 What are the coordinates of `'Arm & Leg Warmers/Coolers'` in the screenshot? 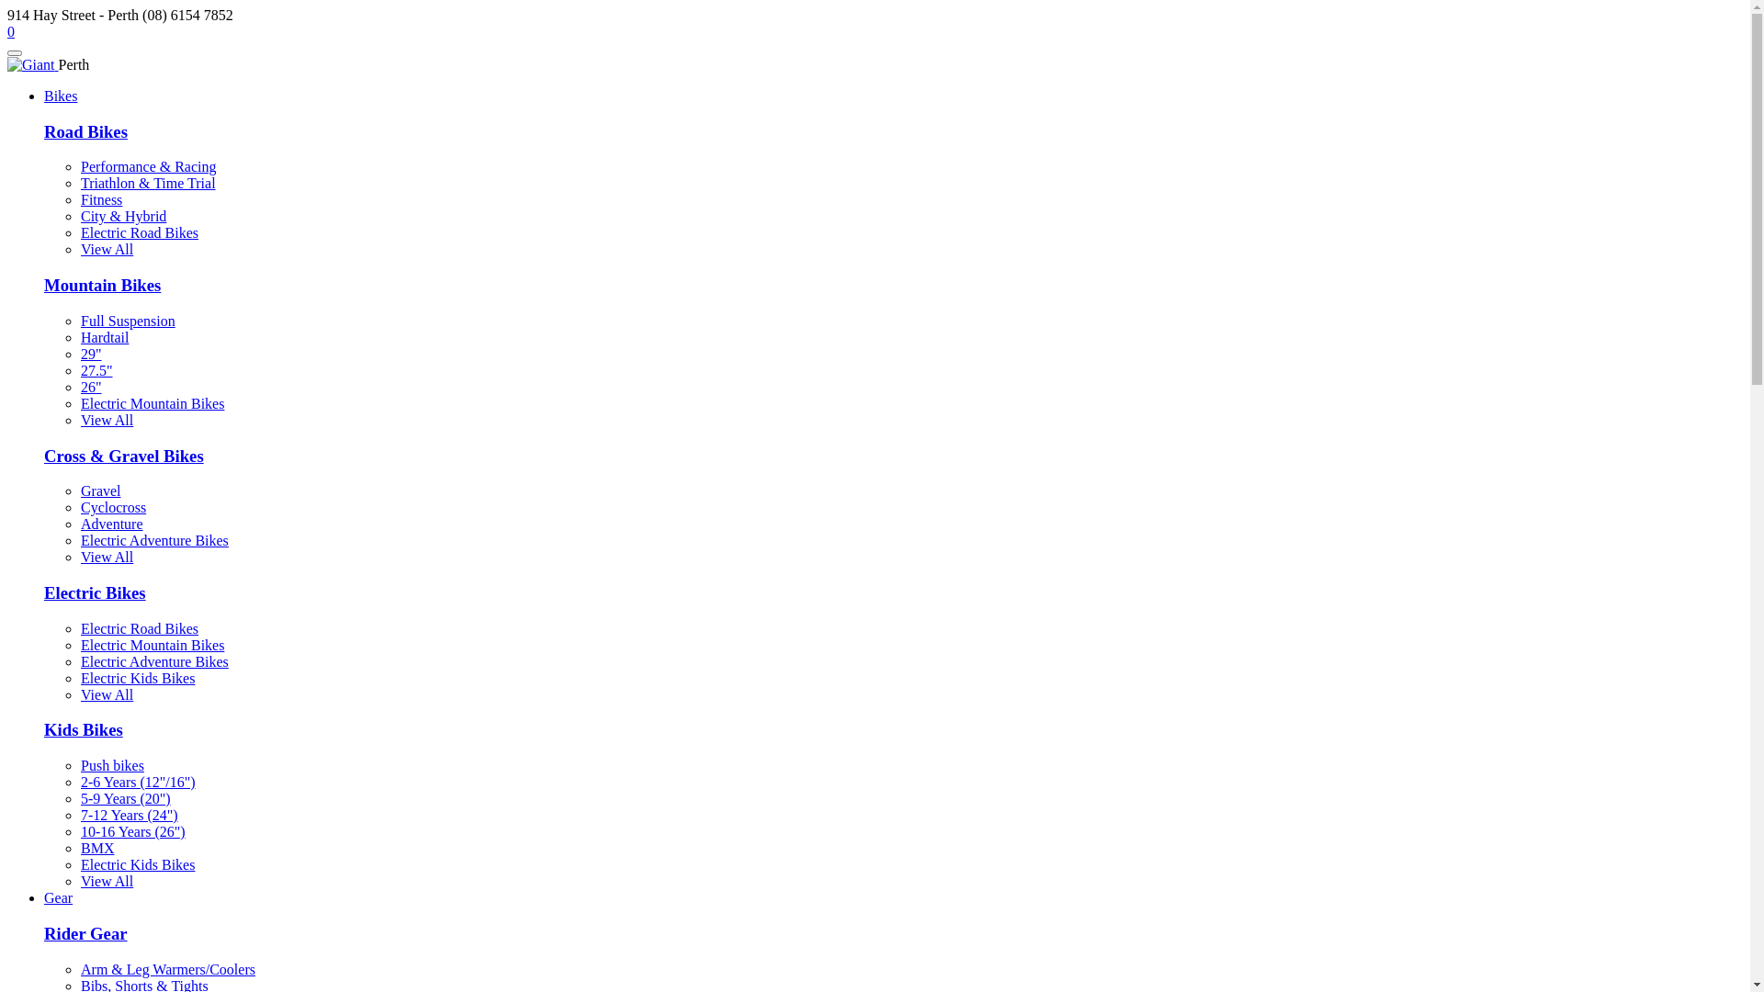 It's located at (167, 968).